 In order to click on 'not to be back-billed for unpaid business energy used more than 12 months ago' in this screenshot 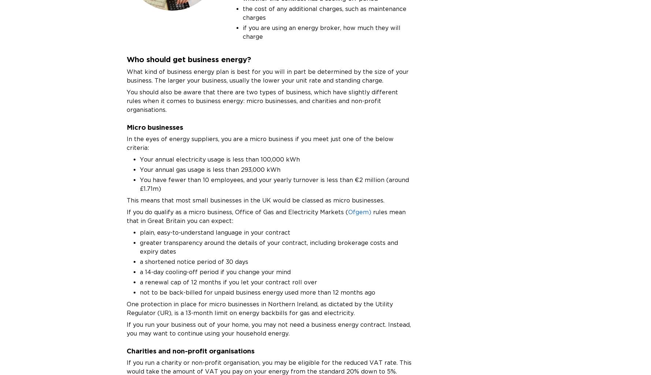, I will do `click(257, 292)`.